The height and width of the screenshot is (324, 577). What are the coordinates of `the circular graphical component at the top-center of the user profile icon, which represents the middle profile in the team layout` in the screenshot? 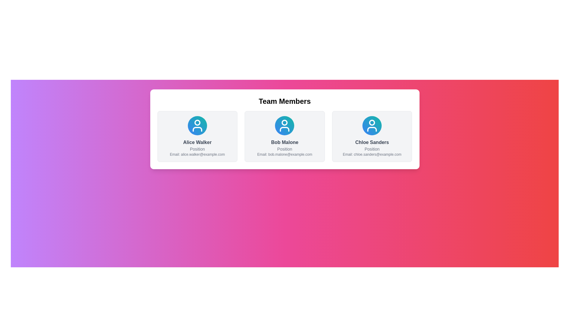 It's located at (284, 122).